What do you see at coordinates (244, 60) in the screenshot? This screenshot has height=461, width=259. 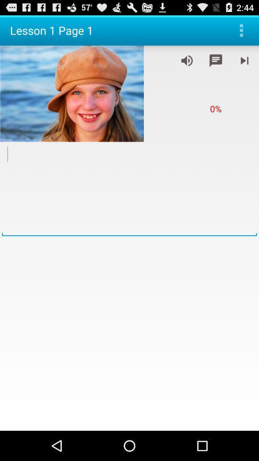 I see `skips to the final page` at bounding box center [244, 60].